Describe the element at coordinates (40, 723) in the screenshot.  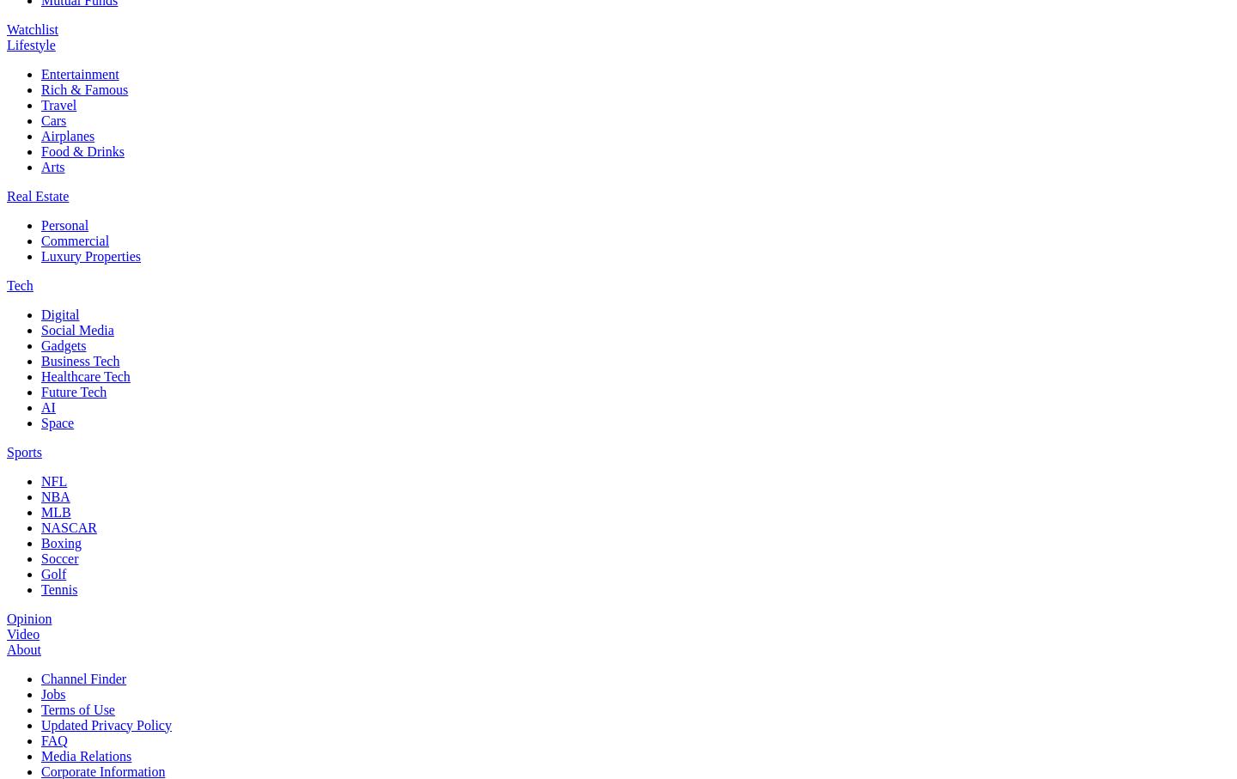
I see `'Updated Privacy Policy'` at that location.